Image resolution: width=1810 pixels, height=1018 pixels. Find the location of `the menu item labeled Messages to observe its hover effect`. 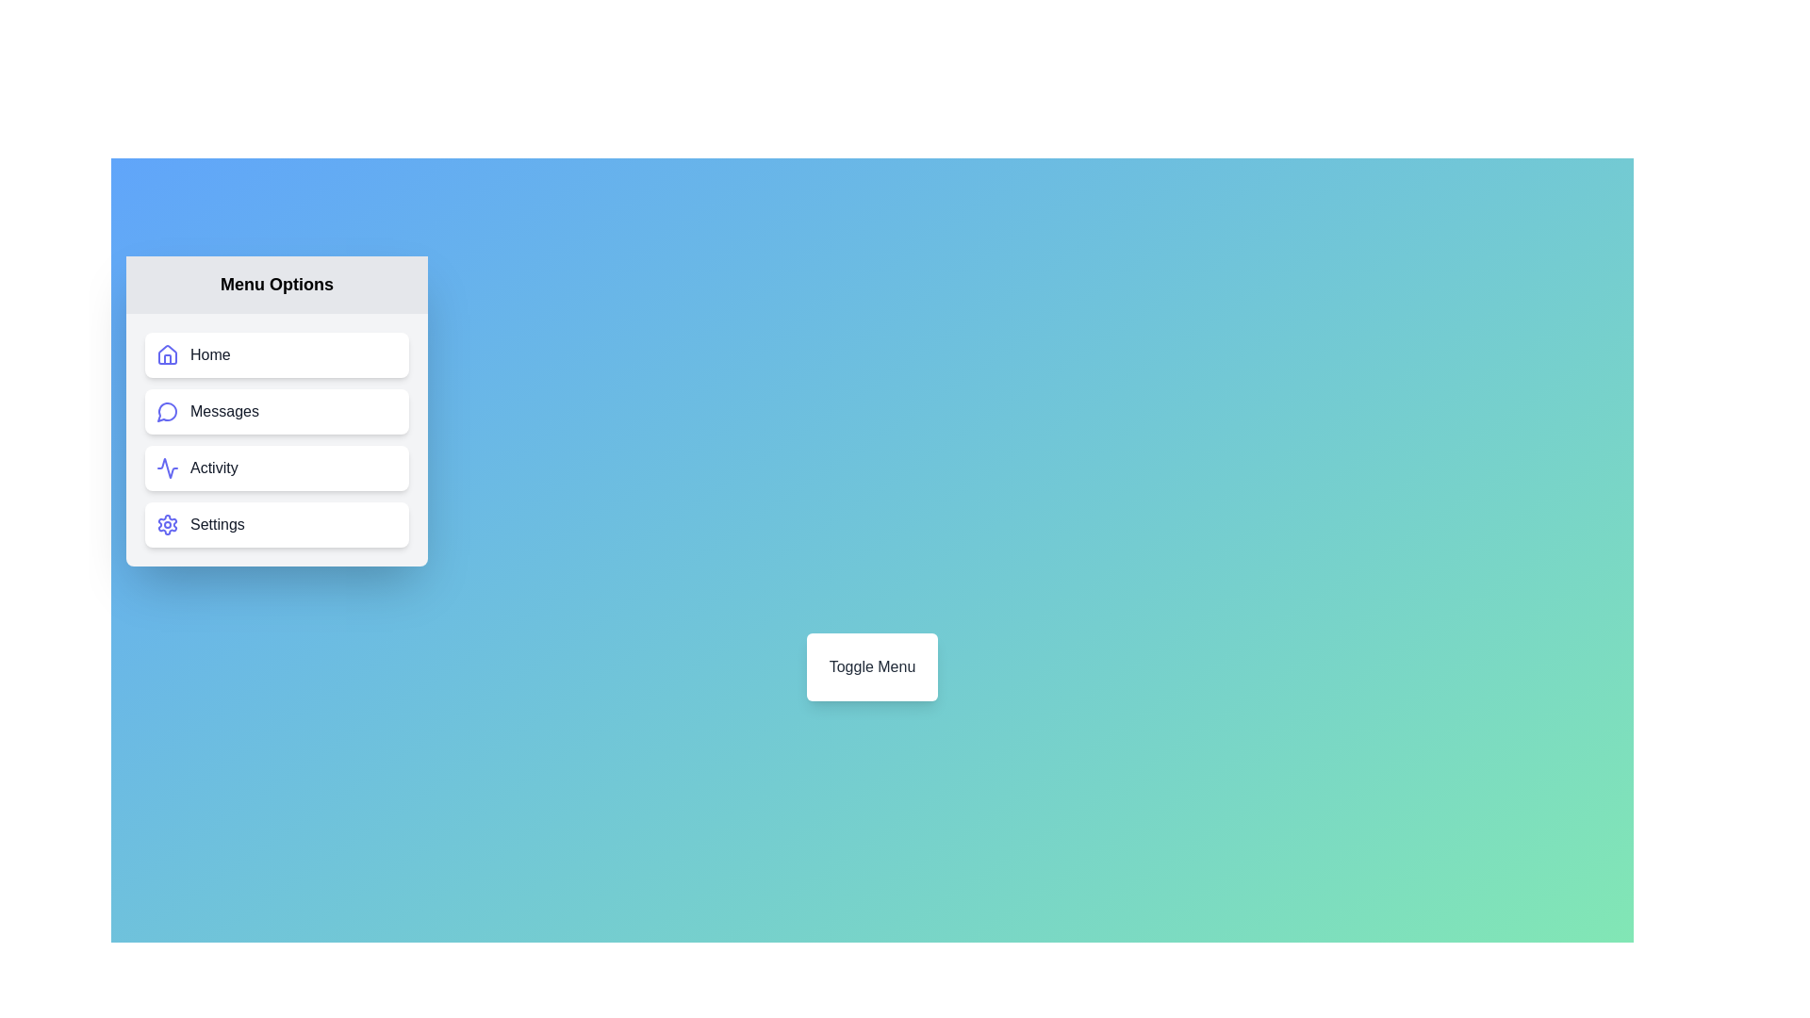

the menu item labeled Messages to observe its hover effect is located at coordinates (275, 410).